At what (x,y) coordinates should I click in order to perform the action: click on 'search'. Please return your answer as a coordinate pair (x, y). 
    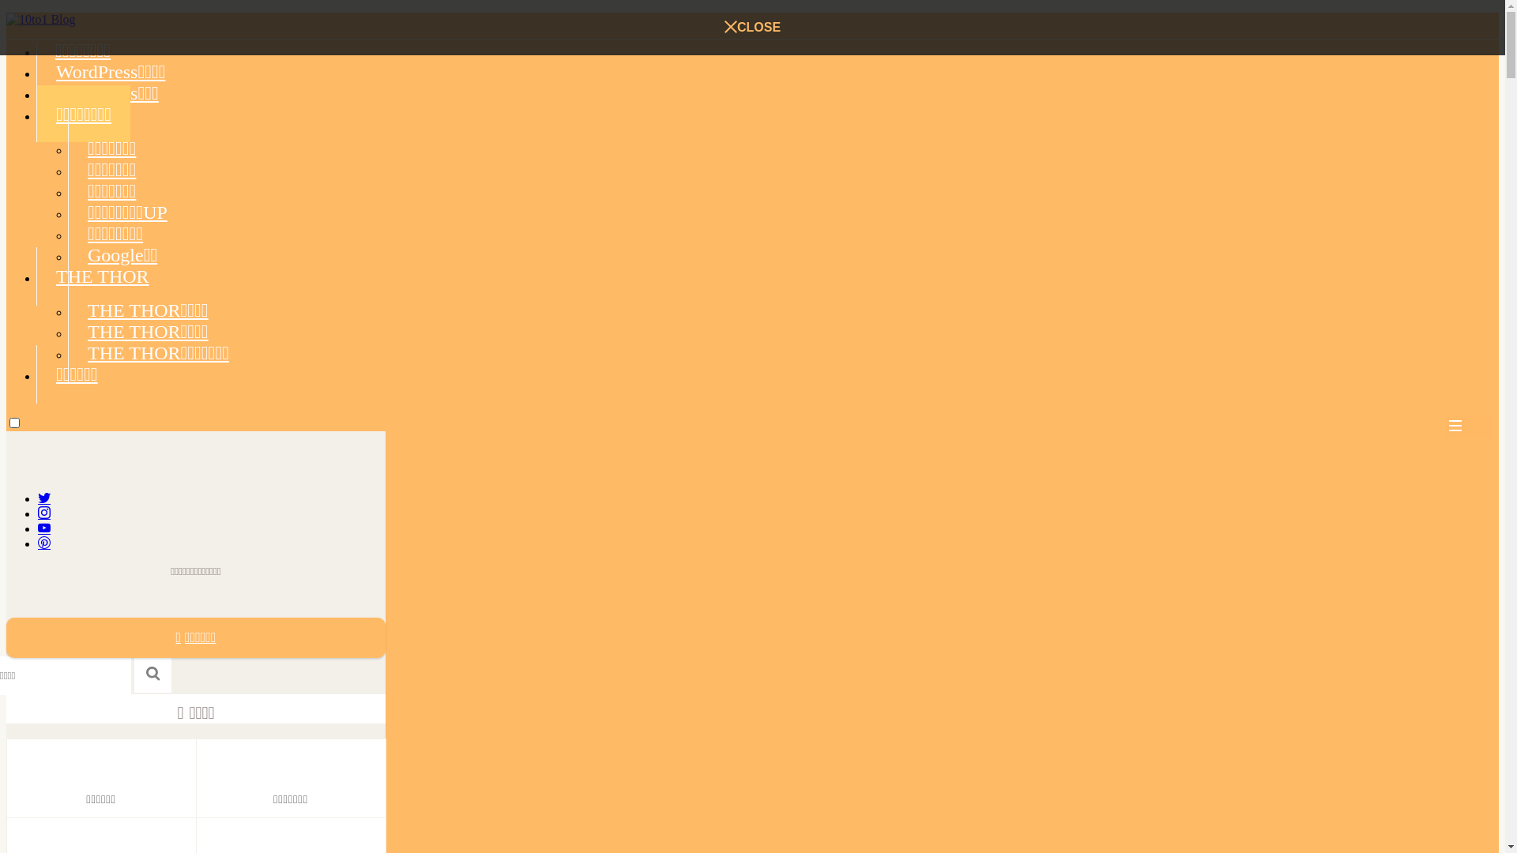
    Looking at the image, I should click on (152, 674).